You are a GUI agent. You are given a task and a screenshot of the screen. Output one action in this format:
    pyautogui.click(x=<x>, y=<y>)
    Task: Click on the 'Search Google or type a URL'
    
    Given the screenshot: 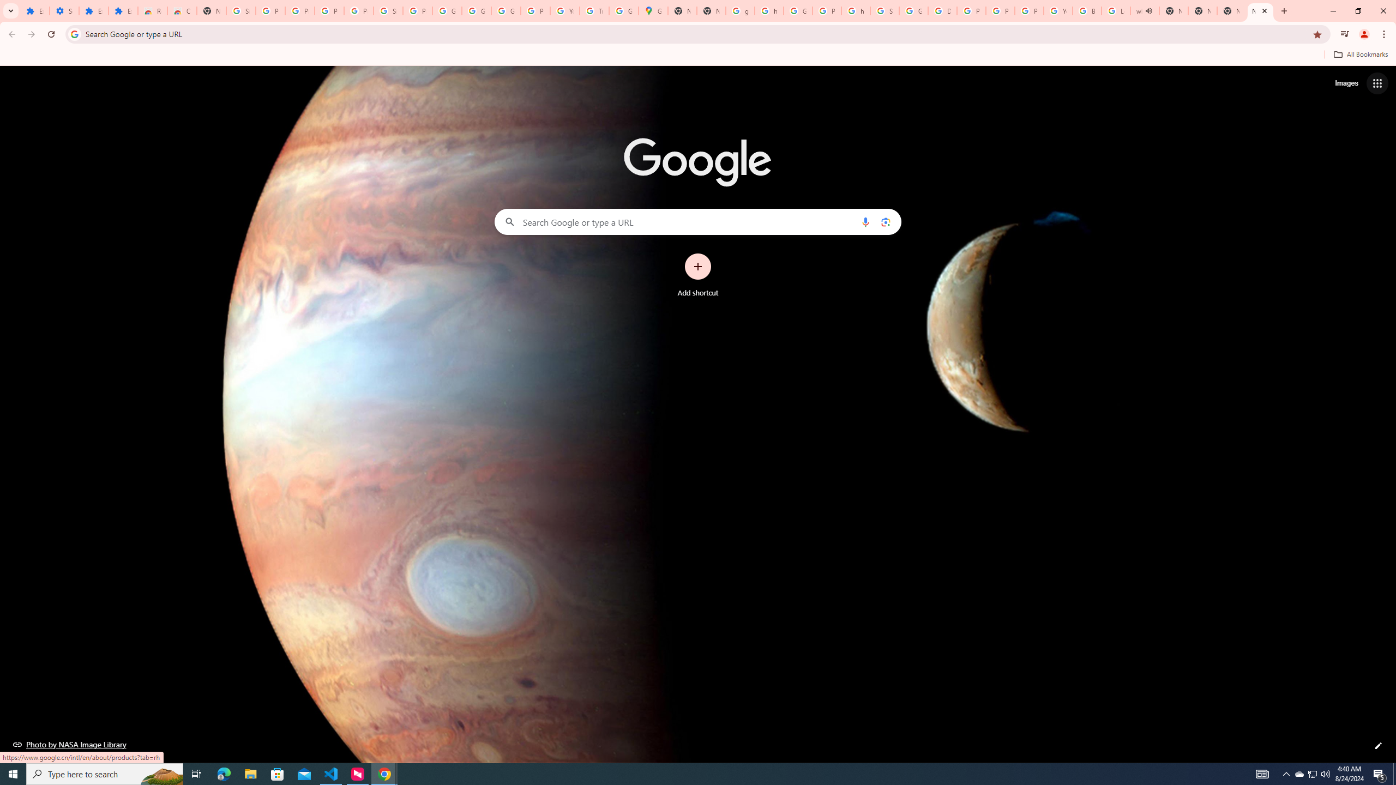 What is the action you would take?
    pyautogui.click(x=698, y=221)
    